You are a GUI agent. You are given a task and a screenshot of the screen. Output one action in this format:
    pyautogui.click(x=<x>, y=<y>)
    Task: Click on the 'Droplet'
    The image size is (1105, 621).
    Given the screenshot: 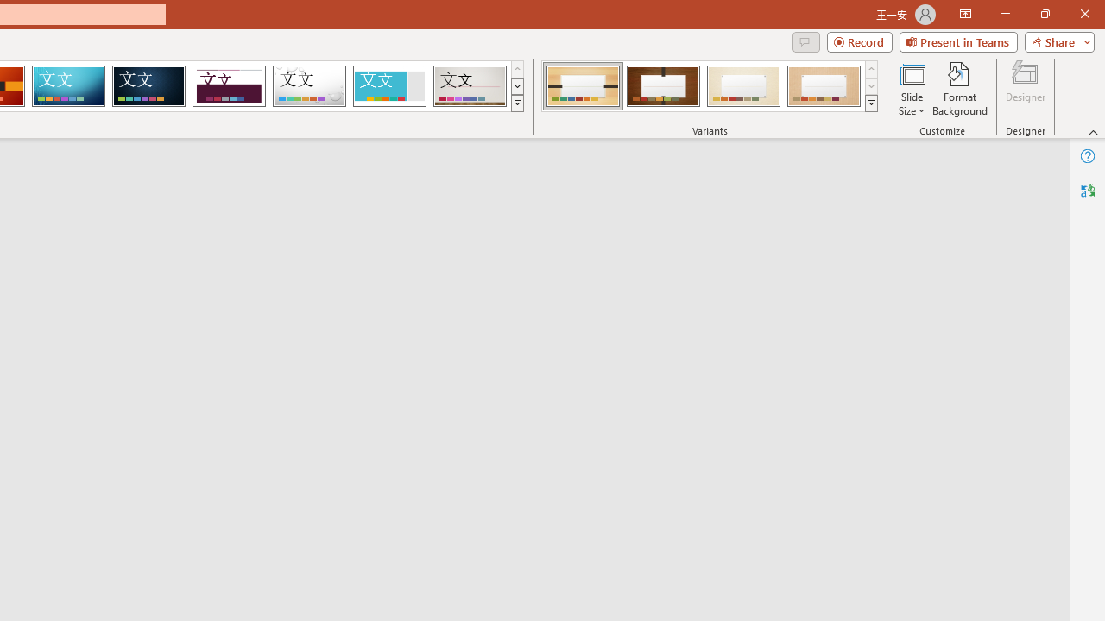 What is the action you would take?
    pyautogui.click(x=309, y=86)
    